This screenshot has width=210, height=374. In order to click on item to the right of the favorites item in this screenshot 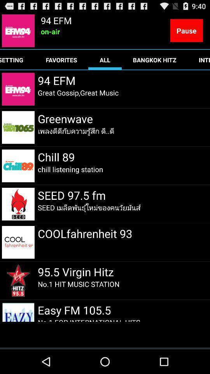, I will do `click(105, 59)`.